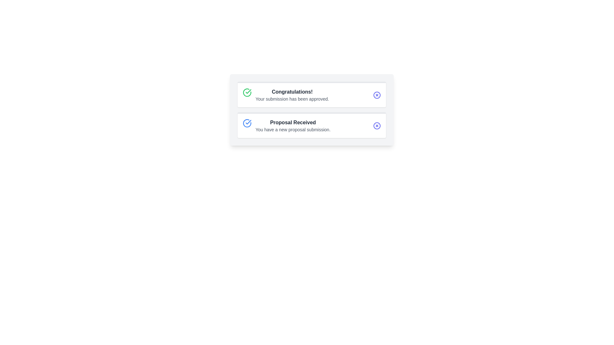 Image resolution: width=614 pixels, height=345 pixels. Describe the element at coordinates (293, 129) in the screenshot. I see `the Text Label that provides information about the proposal submission, located in the lower part of the 'Proposal Received' section, beneath the bold title text` at that location.